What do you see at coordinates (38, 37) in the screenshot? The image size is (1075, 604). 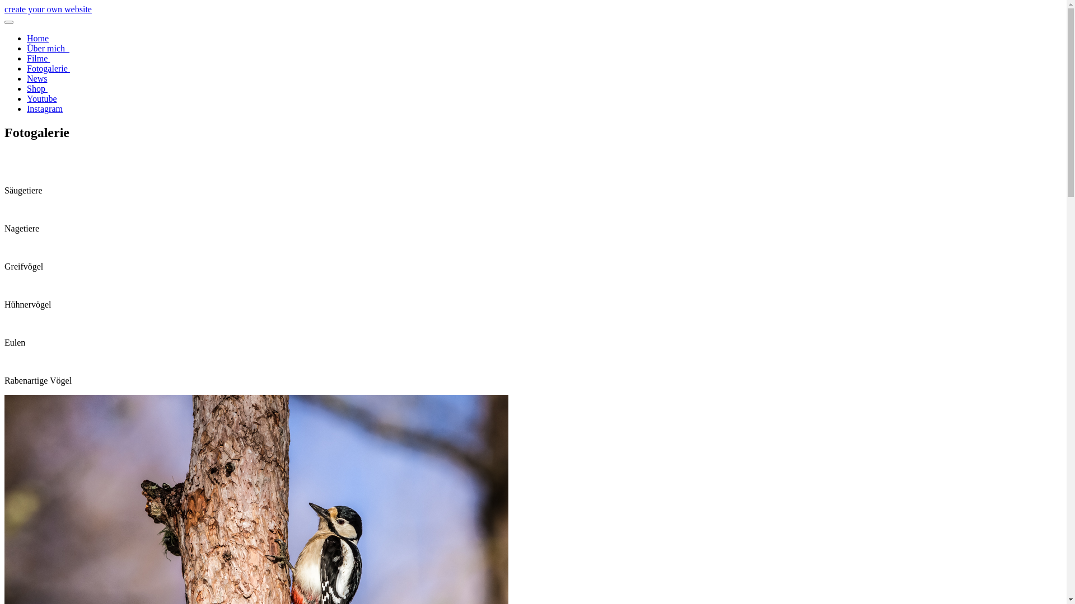 I see `'Home'` at bounding box center [38, 37].